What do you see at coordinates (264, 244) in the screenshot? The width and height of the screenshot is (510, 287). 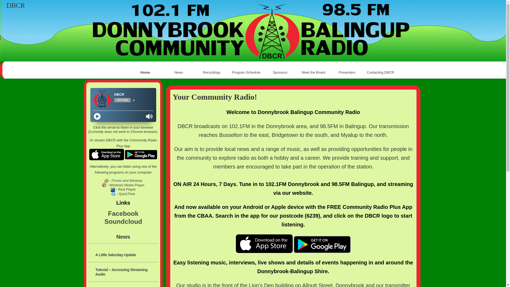 I see `'App Store'` at bounding box center [264, 244].